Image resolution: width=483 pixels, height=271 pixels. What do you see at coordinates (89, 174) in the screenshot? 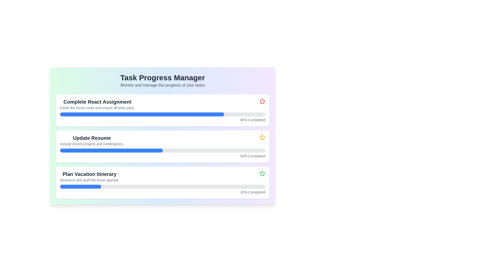
I see `the text label displaying 'Plan Vacation Itinerary', which is prominently positioned as the title of a section in a large, bold, dark gray font on a white background` at bounding box center [89, 174].